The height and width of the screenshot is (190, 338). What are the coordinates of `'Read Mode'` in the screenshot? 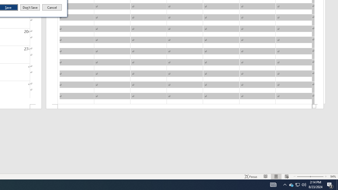 It's located at (266, 177).